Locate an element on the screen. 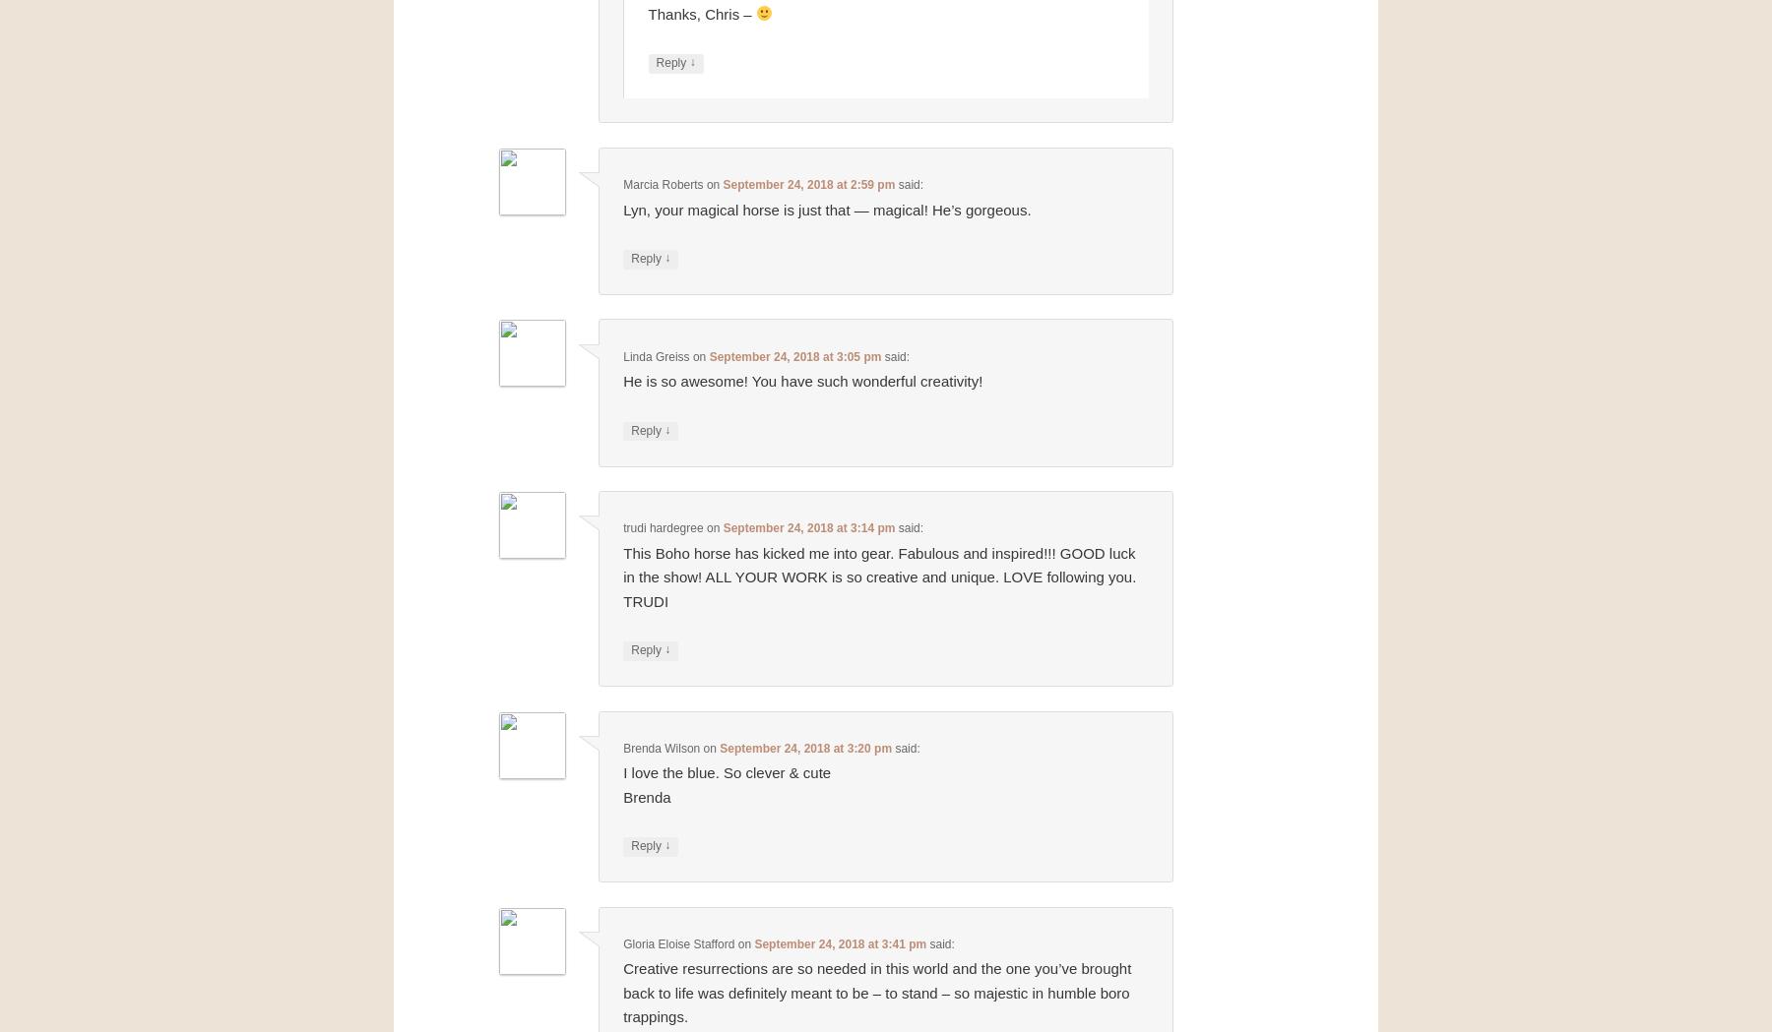  'I love the blue.  So clever & cute' is located at coordinates (623, 772).